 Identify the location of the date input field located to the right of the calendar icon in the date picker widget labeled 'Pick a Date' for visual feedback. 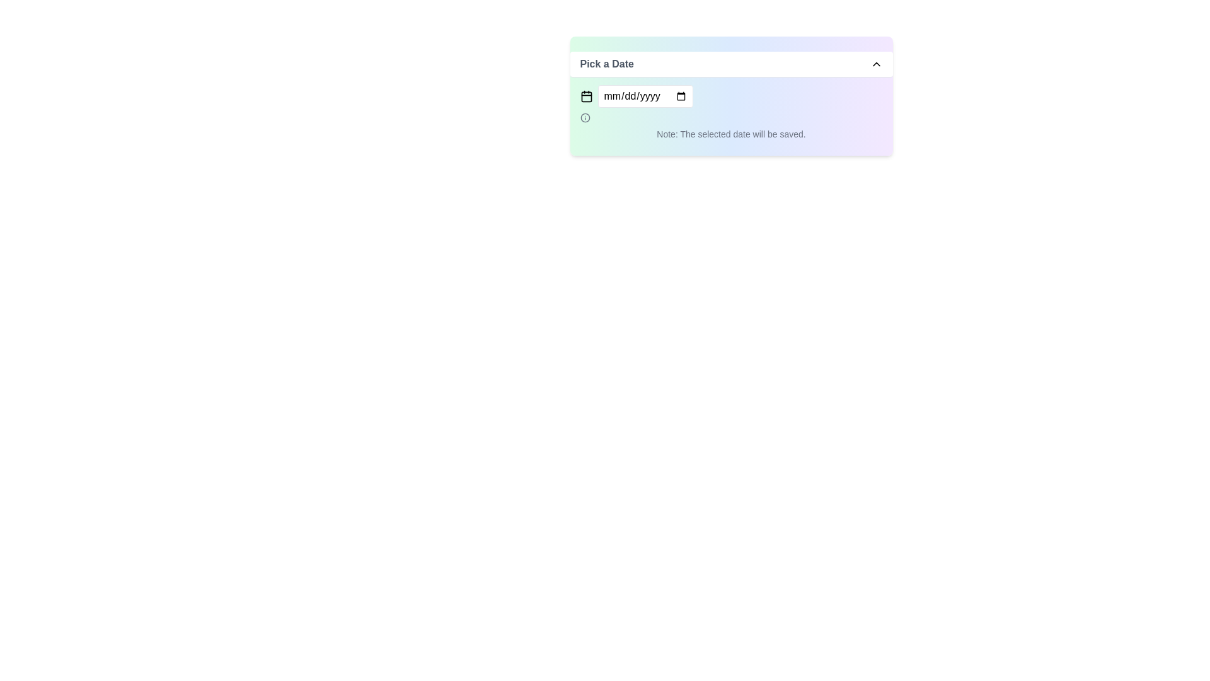
(645, 96).